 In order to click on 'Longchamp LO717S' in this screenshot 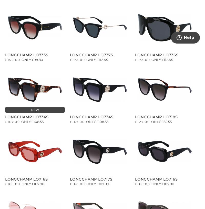, I will do `click(91, 179)`.